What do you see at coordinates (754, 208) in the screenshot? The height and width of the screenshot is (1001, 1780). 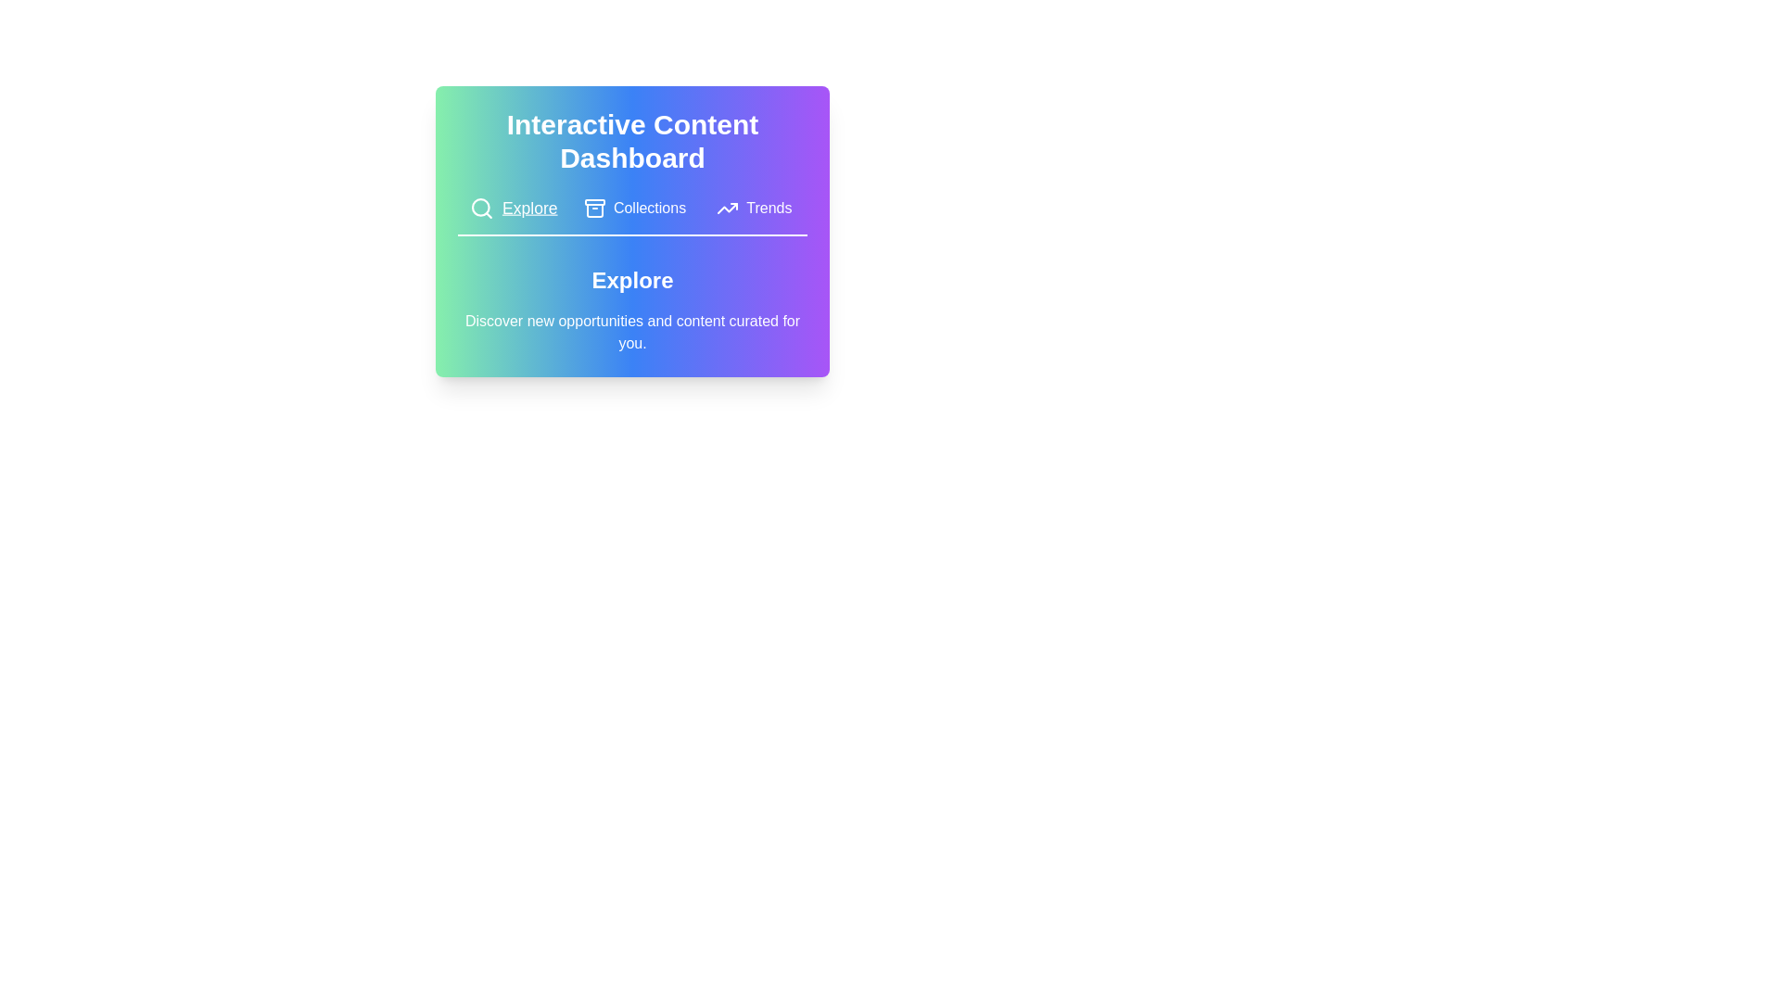 I see `the tab button labeled Trends` at bounding box center [754, 208].